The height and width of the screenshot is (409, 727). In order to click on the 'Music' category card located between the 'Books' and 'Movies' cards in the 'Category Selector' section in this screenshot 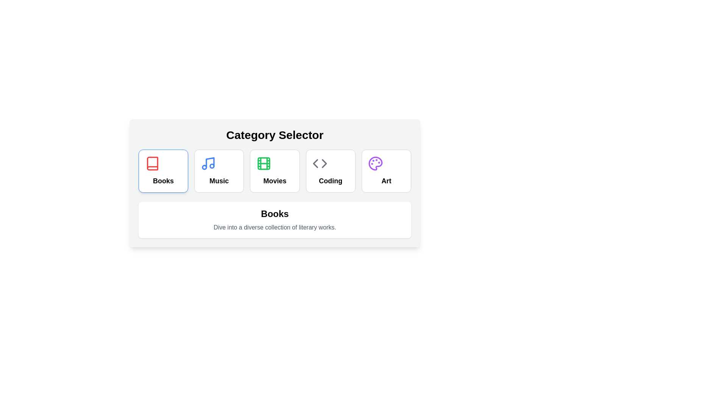, I will do `click(218, 171)`.